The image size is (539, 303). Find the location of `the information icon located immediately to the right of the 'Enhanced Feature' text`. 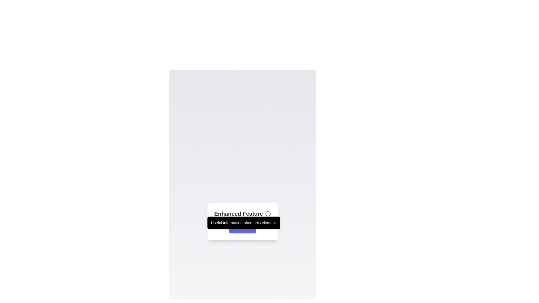

the information icon located immediately to the right of the 'Enhanced Feature' text is located at coordinates (268, 214).